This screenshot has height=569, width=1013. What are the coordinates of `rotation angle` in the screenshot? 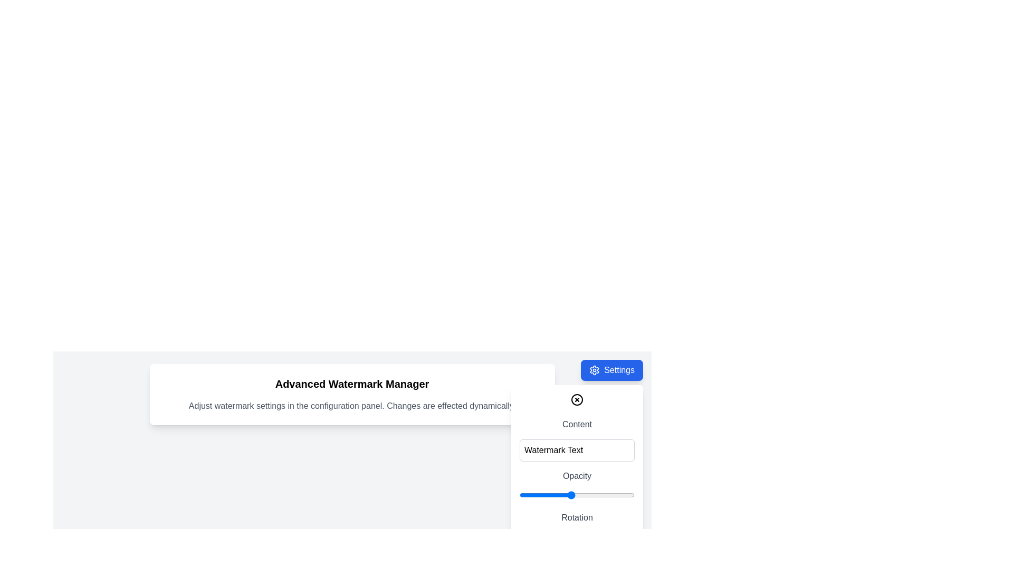 It's located at (579, 536).